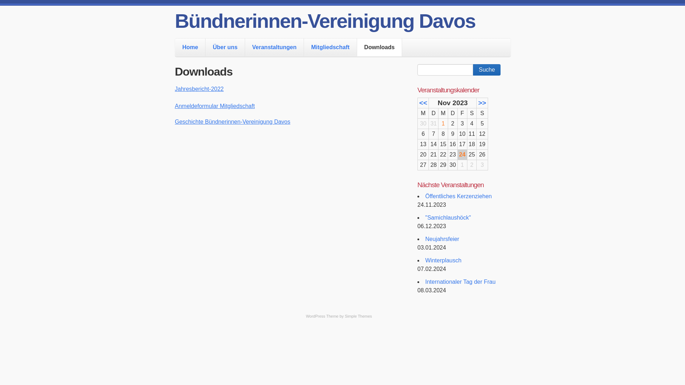  Describe the element at coordinates (442, 239) in the screenshot. I see `'Neujahrsfeier'` at that location.